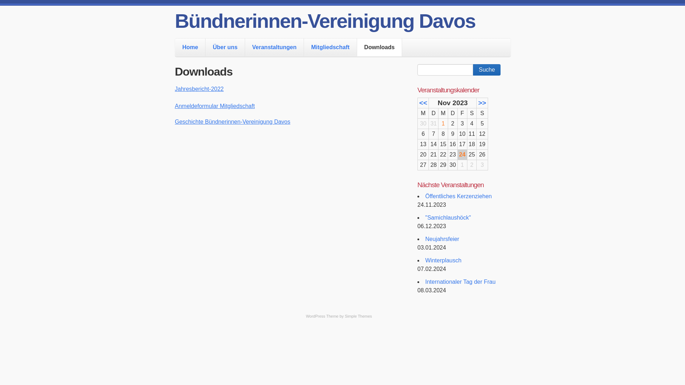  Describe the element at coordinates (442, 239) in the screenshot. I see `'Neujahrsfeier'` at that location.